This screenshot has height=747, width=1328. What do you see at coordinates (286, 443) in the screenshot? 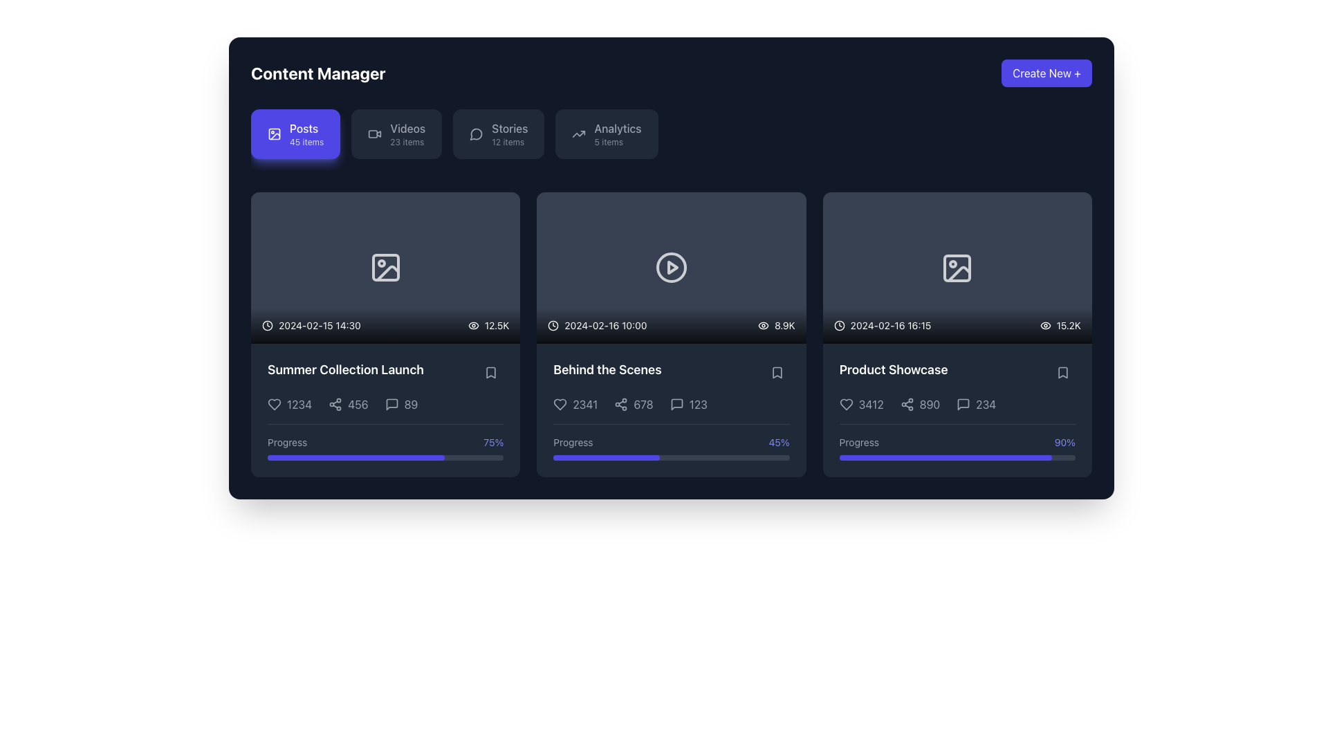
I see `the 'Progress' text label located in the lower left corner of the 'Summer Collection Launch' card, which provides context to the progress bar below it` at bounding box center [286, 443].